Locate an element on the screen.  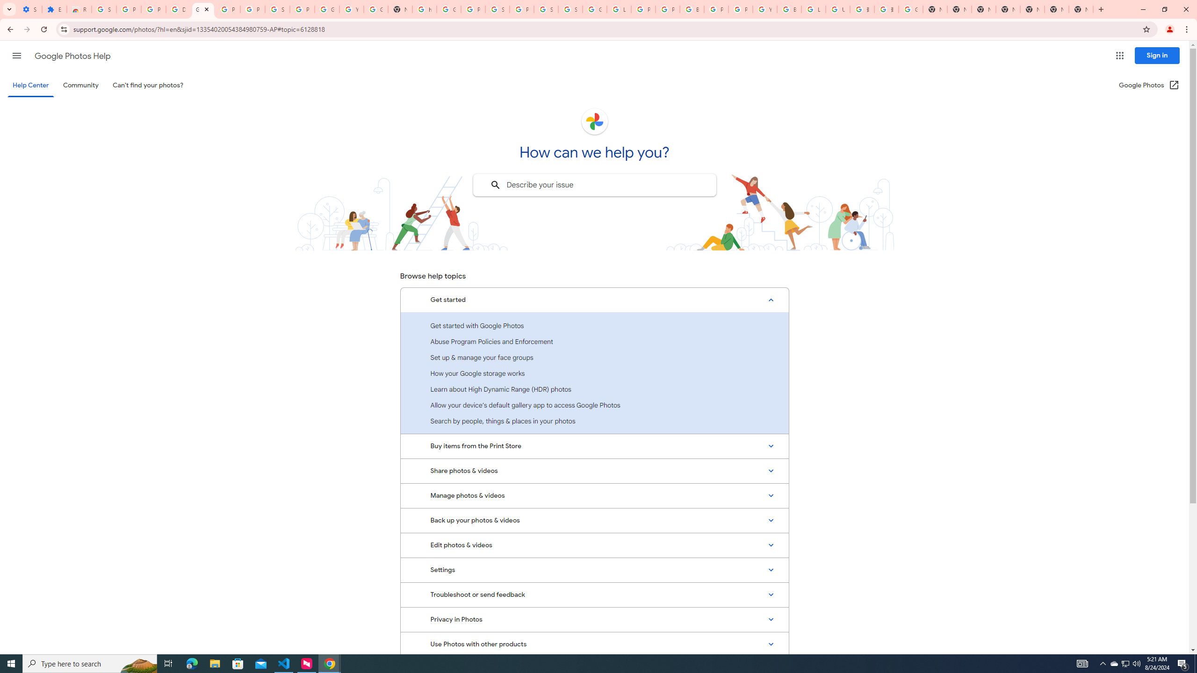
'Get started with Google Photos' is located at coordinates (594, 325).